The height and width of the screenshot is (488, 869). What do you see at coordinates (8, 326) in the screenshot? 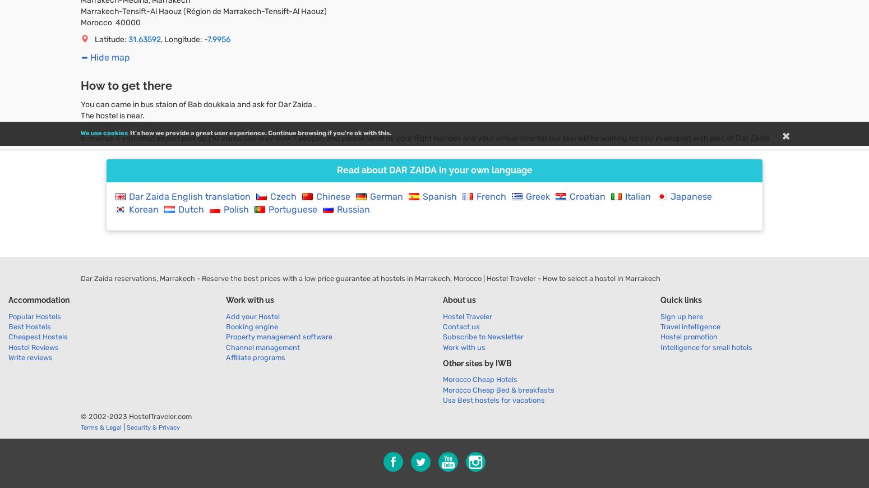
I see `'Best Hostels'` at bounding box center [8, 326].